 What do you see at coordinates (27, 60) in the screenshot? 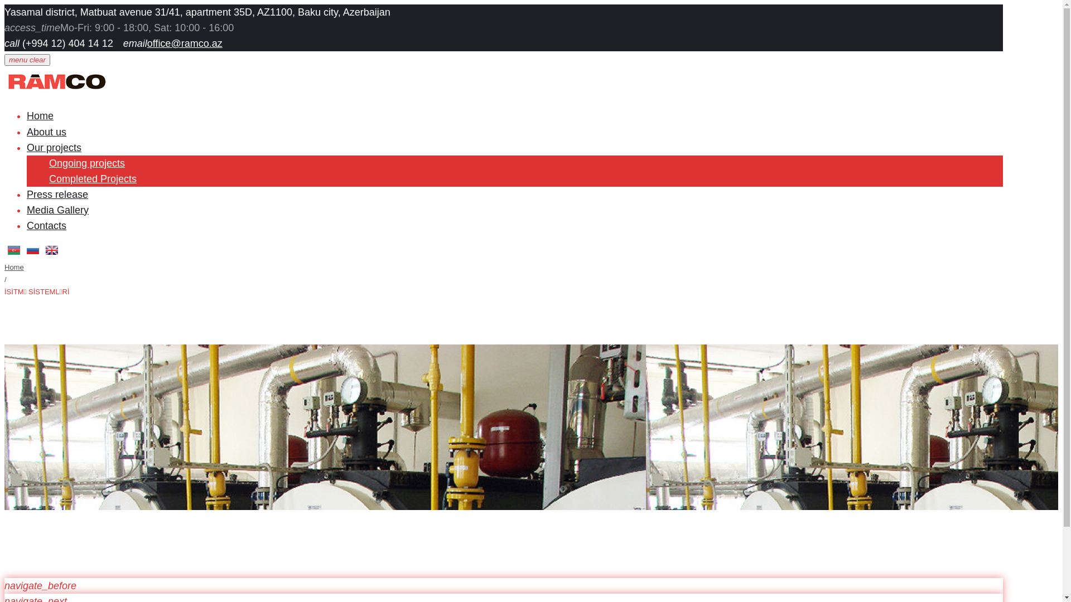
I see `'menu clear'` at bounding box center [27, 60].